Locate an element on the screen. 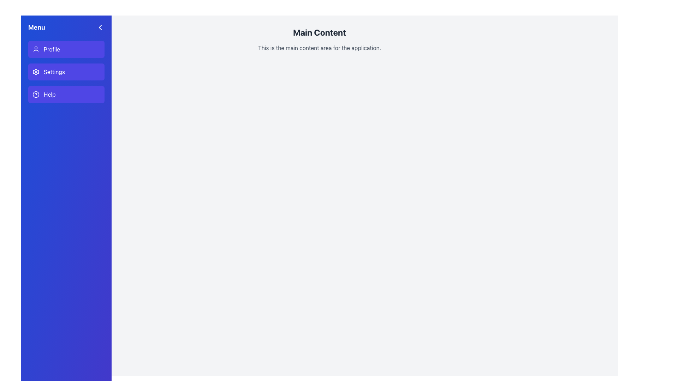 This screenshot has height=381, width=678. the gear-shaped settings icon located in the left sidebar navigation menu is located at coordinates (35, 72).